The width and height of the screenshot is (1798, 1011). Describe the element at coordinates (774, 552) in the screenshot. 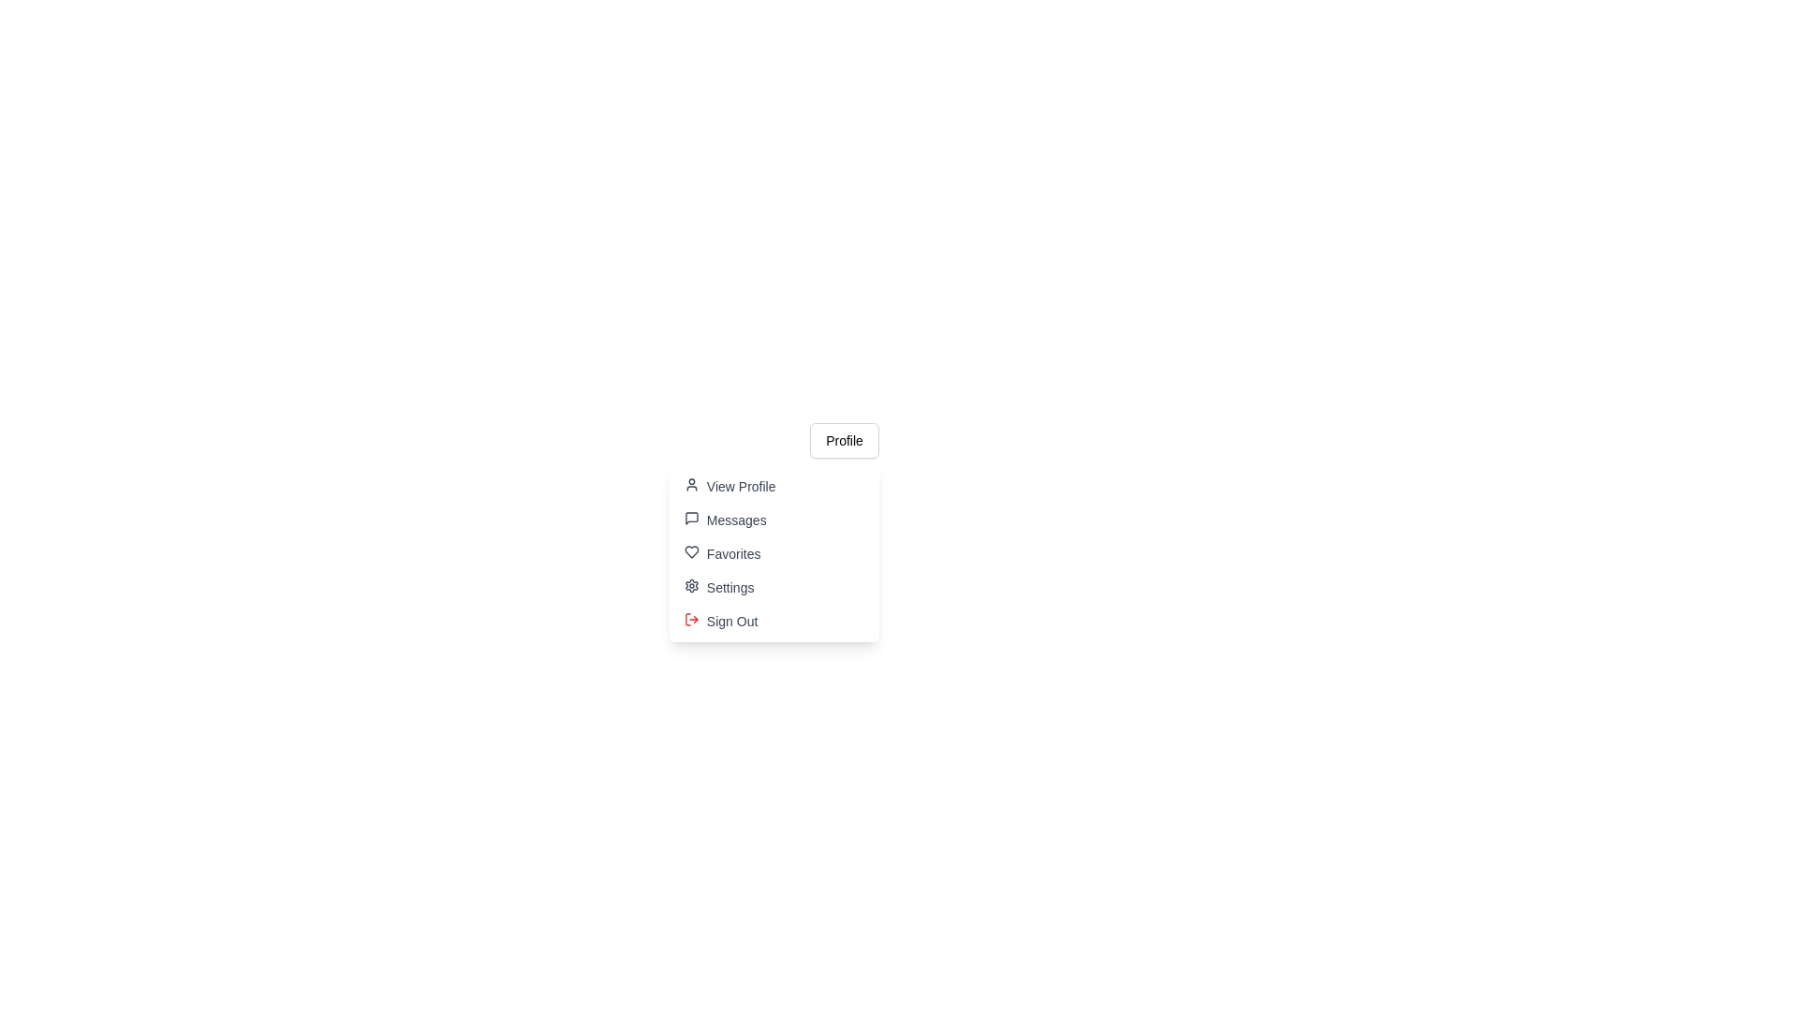

I see `the button in the dropdown menu that navigates to the favorites section, located below 'Messages' and above 'Settings'` at that location.